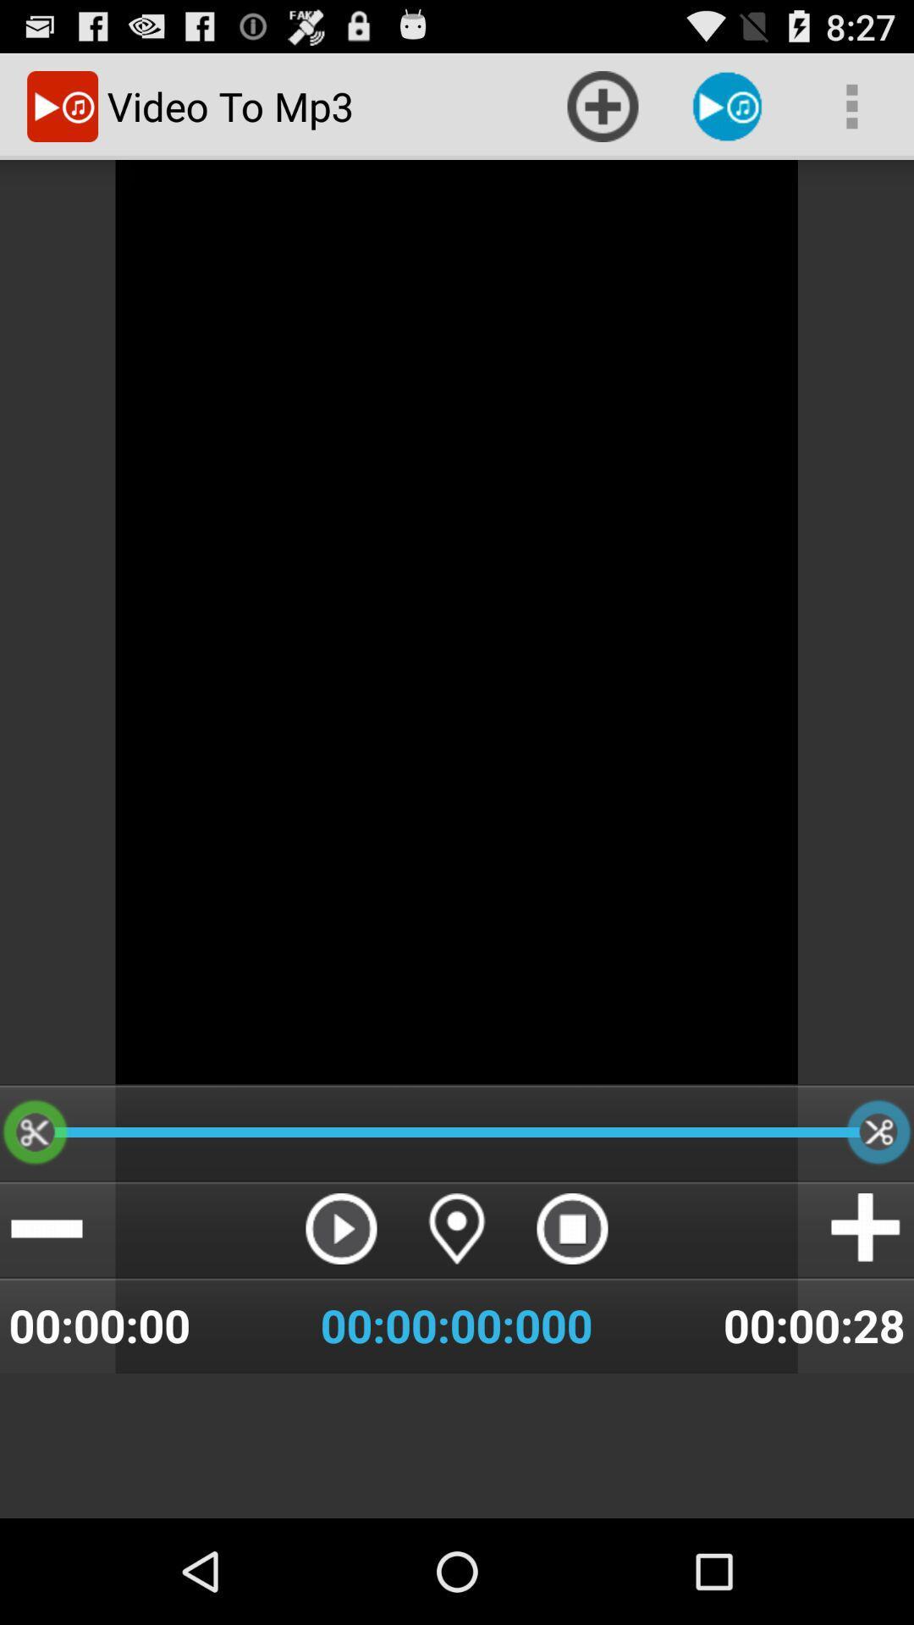  What do you see at coordinates (46, 1228) in the screenshot?
I see `the icon above 00:00:00 app` at bounding box center [46, 1228].